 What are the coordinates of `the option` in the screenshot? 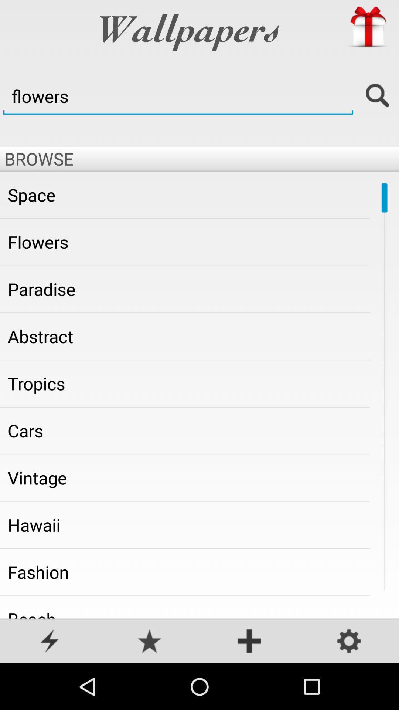 It's located at (249, 642).